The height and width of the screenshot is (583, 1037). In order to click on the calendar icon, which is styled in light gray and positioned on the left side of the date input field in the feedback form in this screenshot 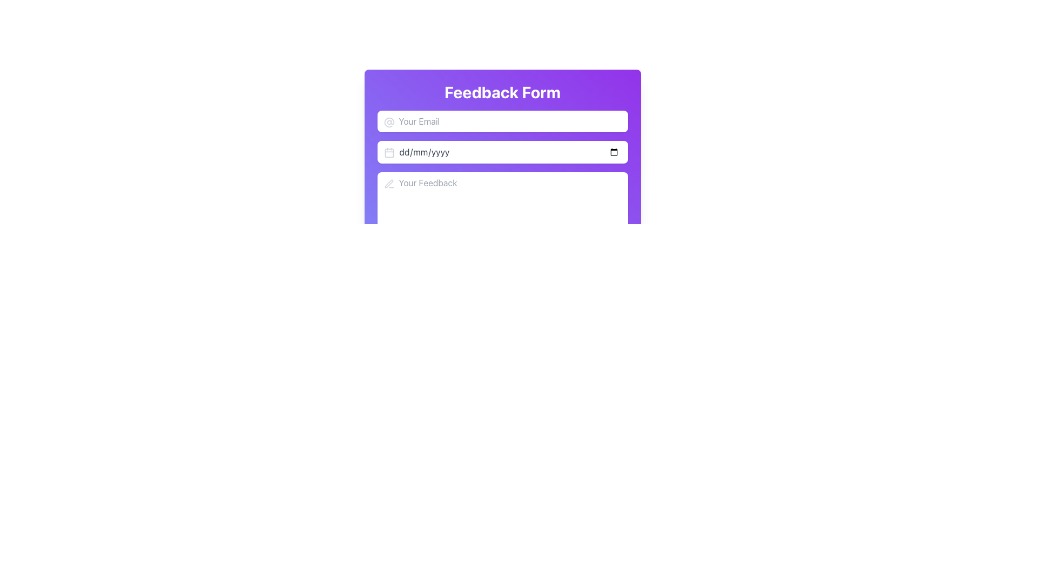, I will do `click(389, 152)`.